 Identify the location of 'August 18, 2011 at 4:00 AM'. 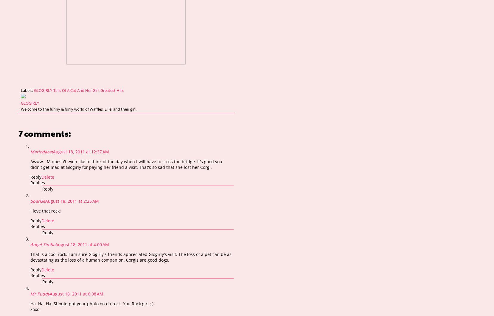
(82, 244).